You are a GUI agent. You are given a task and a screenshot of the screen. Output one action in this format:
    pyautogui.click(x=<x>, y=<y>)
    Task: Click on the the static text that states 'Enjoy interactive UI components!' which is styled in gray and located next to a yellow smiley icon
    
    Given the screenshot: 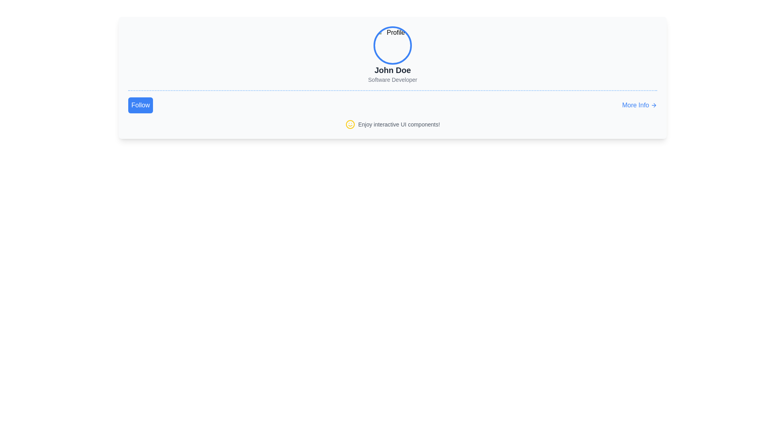 What is the action you would take?
    pyautogui.click(x=399, y=125)
    